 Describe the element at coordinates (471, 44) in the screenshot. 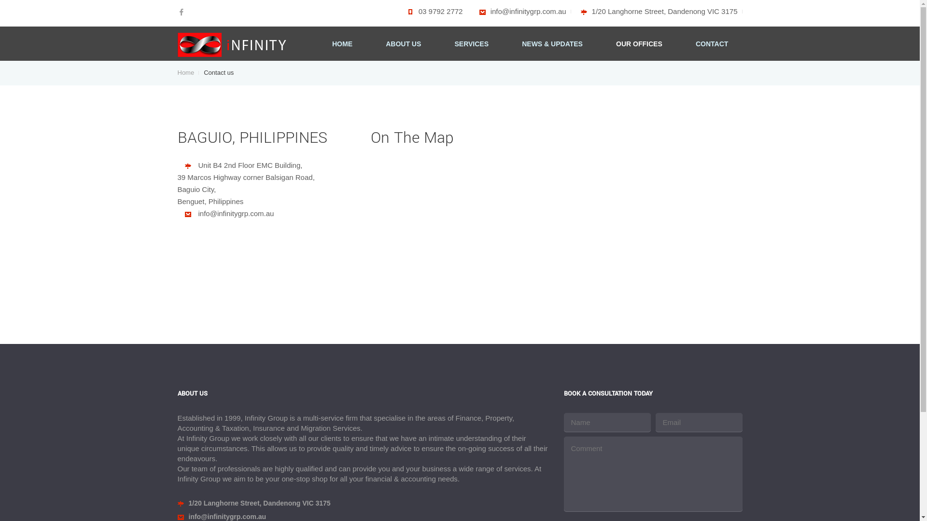

I see `'SERVICES'` at that location.